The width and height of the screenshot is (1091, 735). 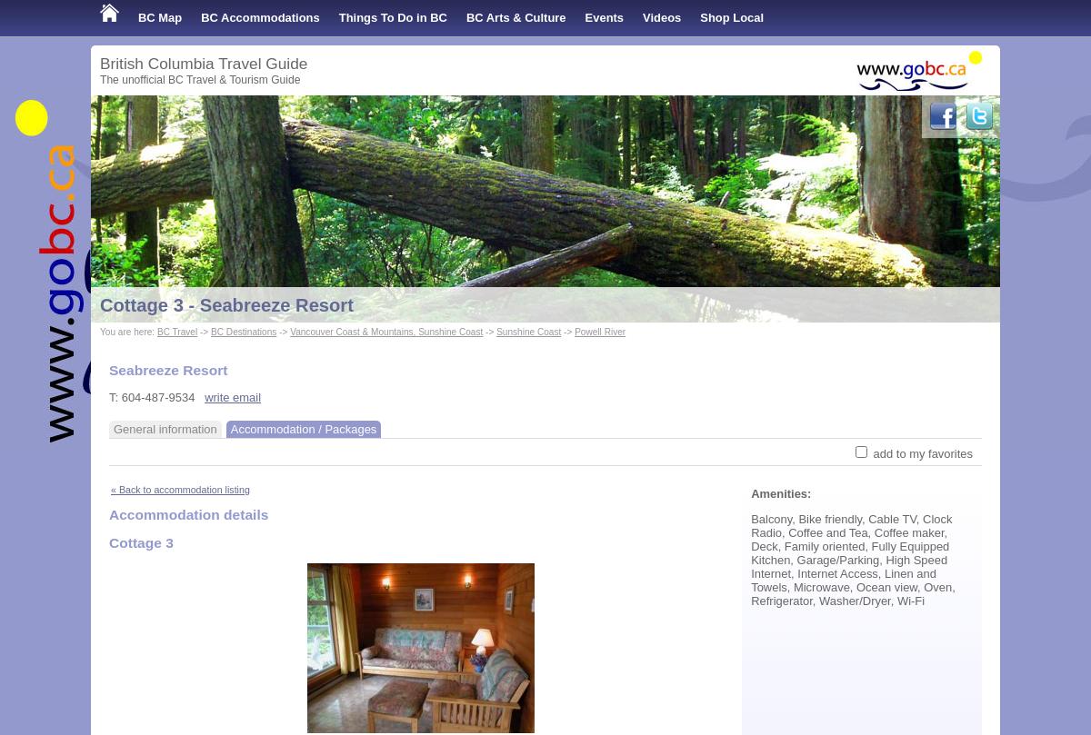 What do you see at coordinates (853, 559) in the screenshot?
I see `'Balcony,   Bike friendly,   Cable TV,   Clock Radio,   Coffee and Tea,   Coffee maker,   Deck,   Family oriented,   Fully Equipped Kitchen,   Garage/Parking,   High Speed Internet,   Internet Access,   Linen and Towels,   Microwave,   Ocean view,   Oven,   Refrigerator,   Washer/Dryer,   Wi-Fi'` at bounding box center [853, 559].